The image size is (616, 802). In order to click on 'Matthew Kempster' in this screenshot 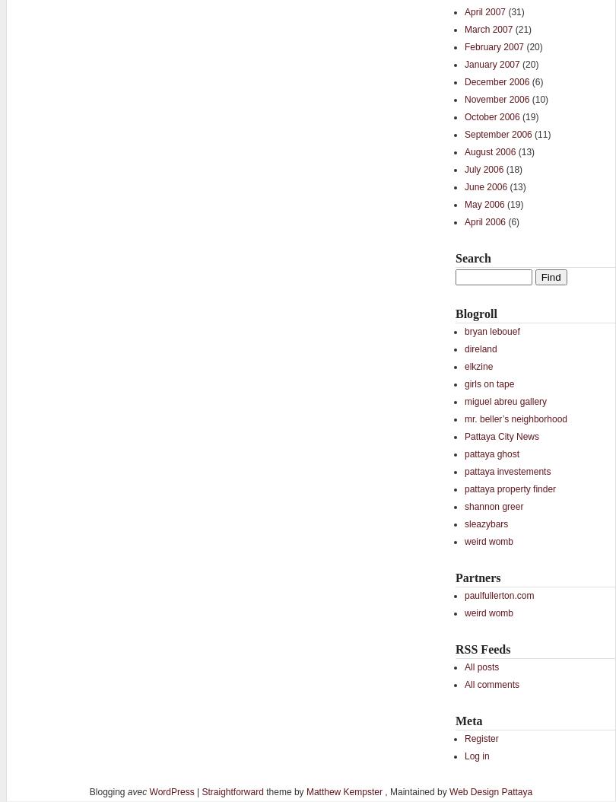, I will do `click(343, 791)`.